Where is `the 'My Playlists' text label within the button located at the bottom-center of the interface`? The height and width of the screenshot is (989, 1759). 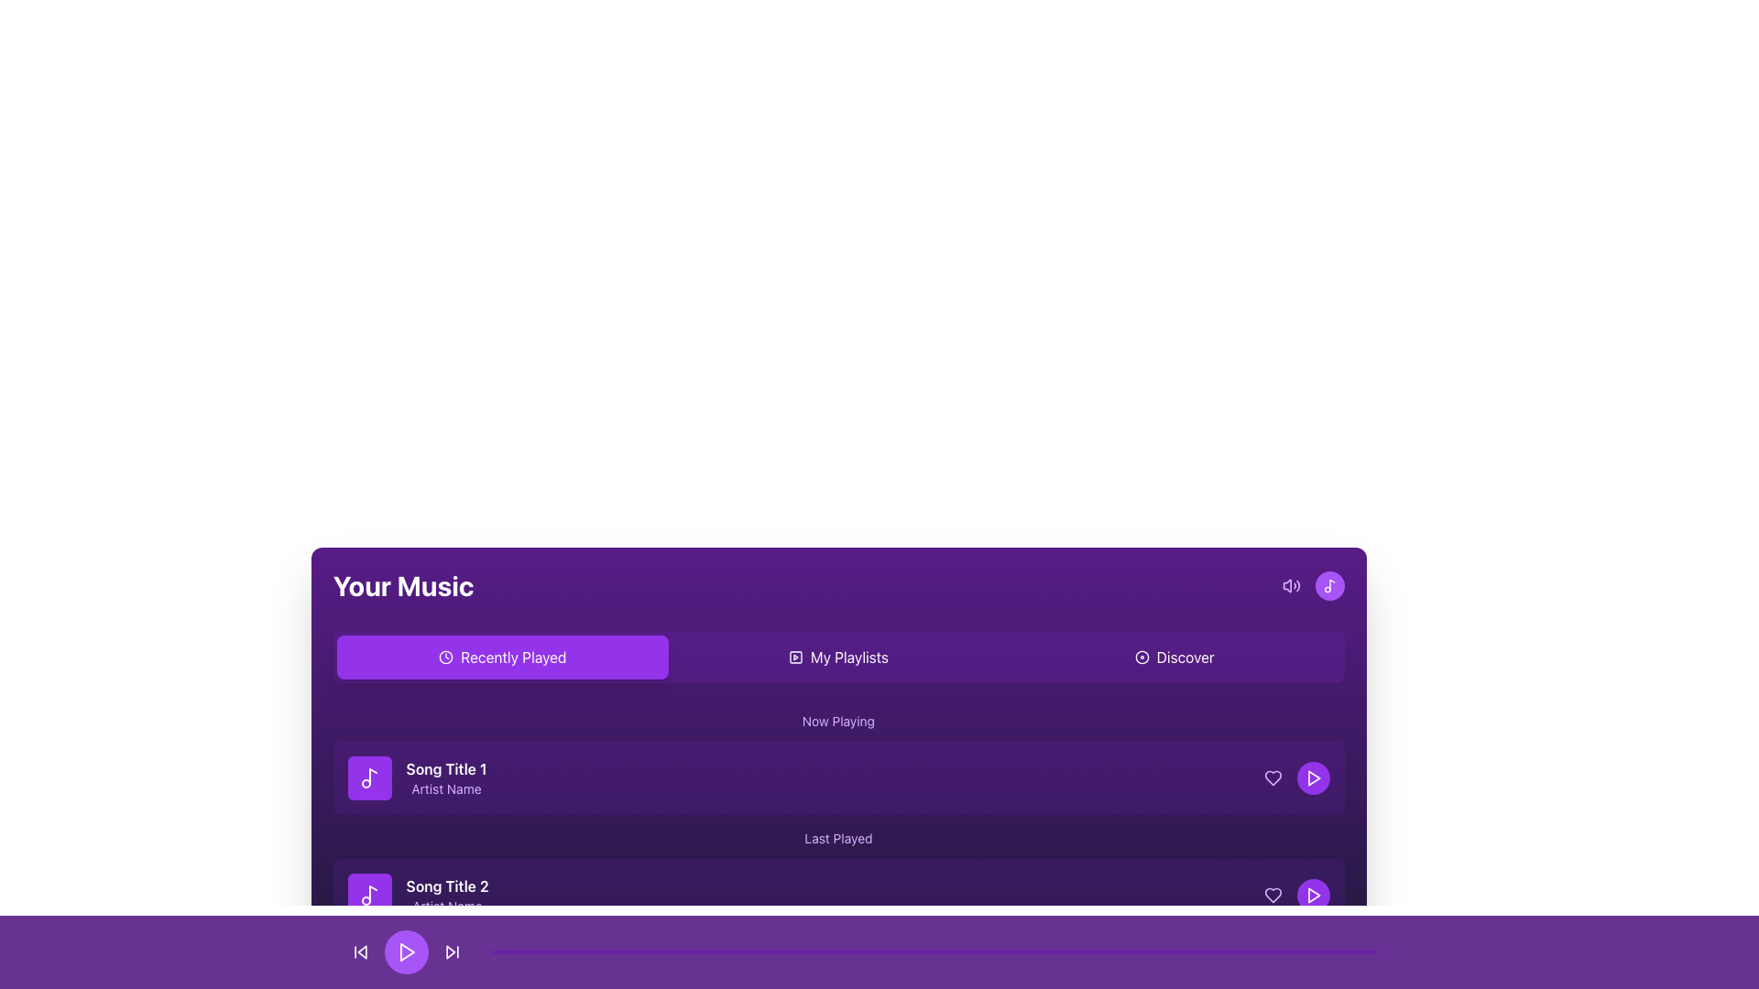 the 'My Playlists' text label within the button located at the bottom-center of the interface is located at coordinates (848, 656).